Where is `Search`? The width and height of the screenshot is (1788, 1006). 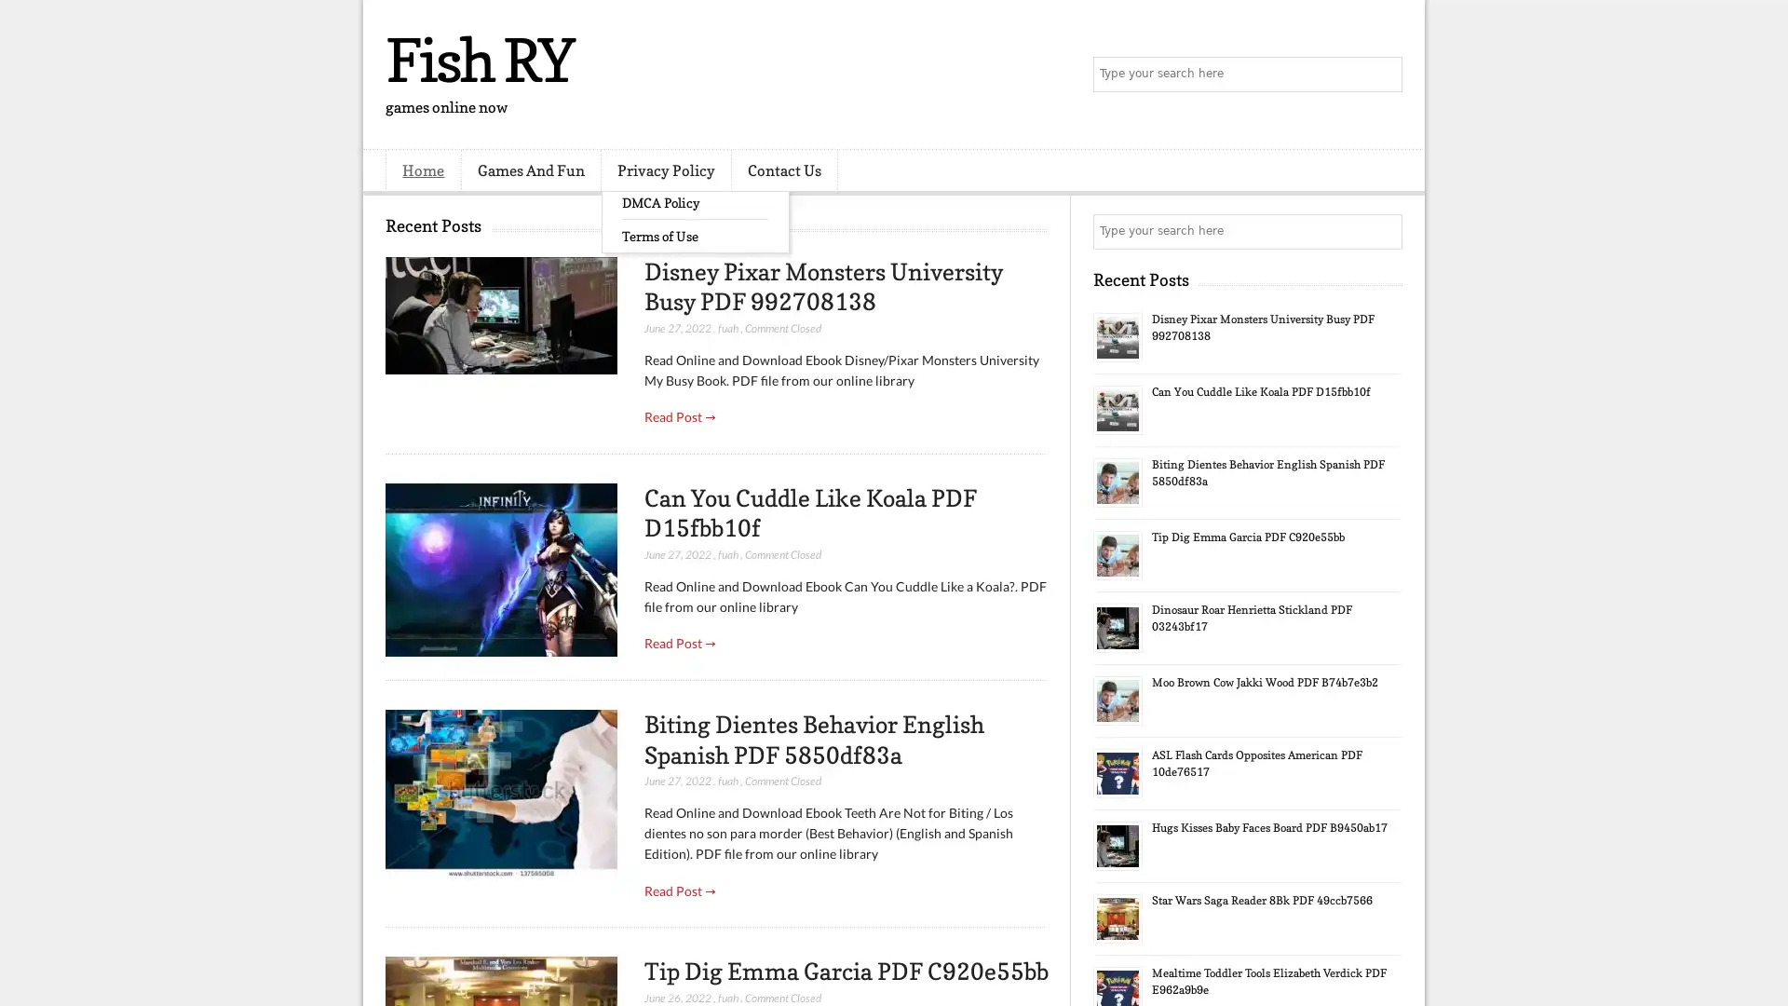
Search is located at coordinates (1383, 231).